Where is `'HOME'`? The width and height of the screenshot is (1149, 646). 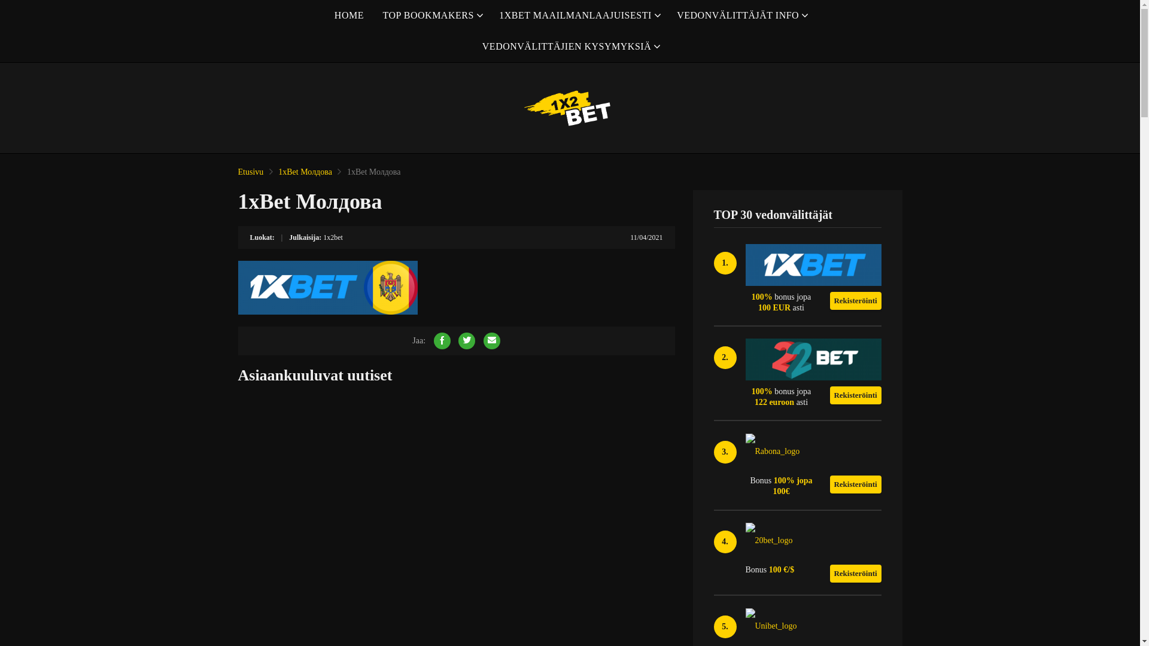
'HOME' is located at coordinates (348, 16).